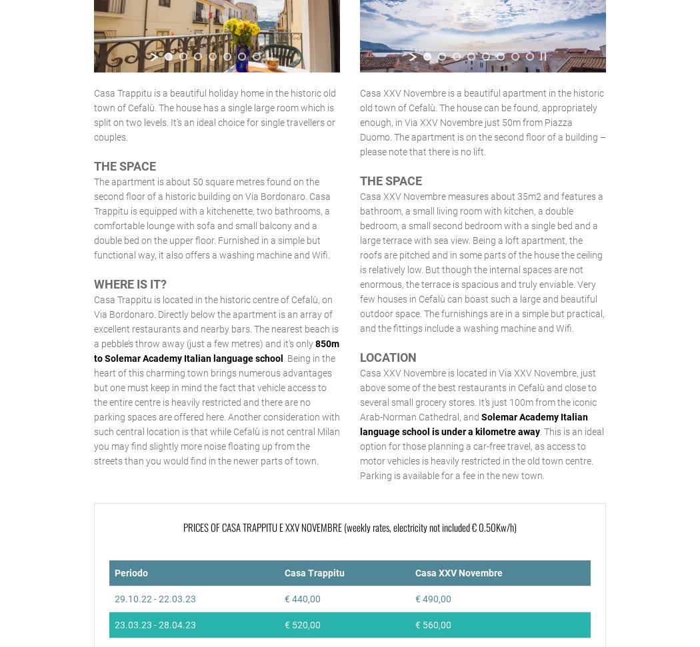 This screenshot has height=647, width=700. What do you see at coordinates (130, 572) in the screenshot?
I see `'Periodo'` at bounding box center [130, 572].